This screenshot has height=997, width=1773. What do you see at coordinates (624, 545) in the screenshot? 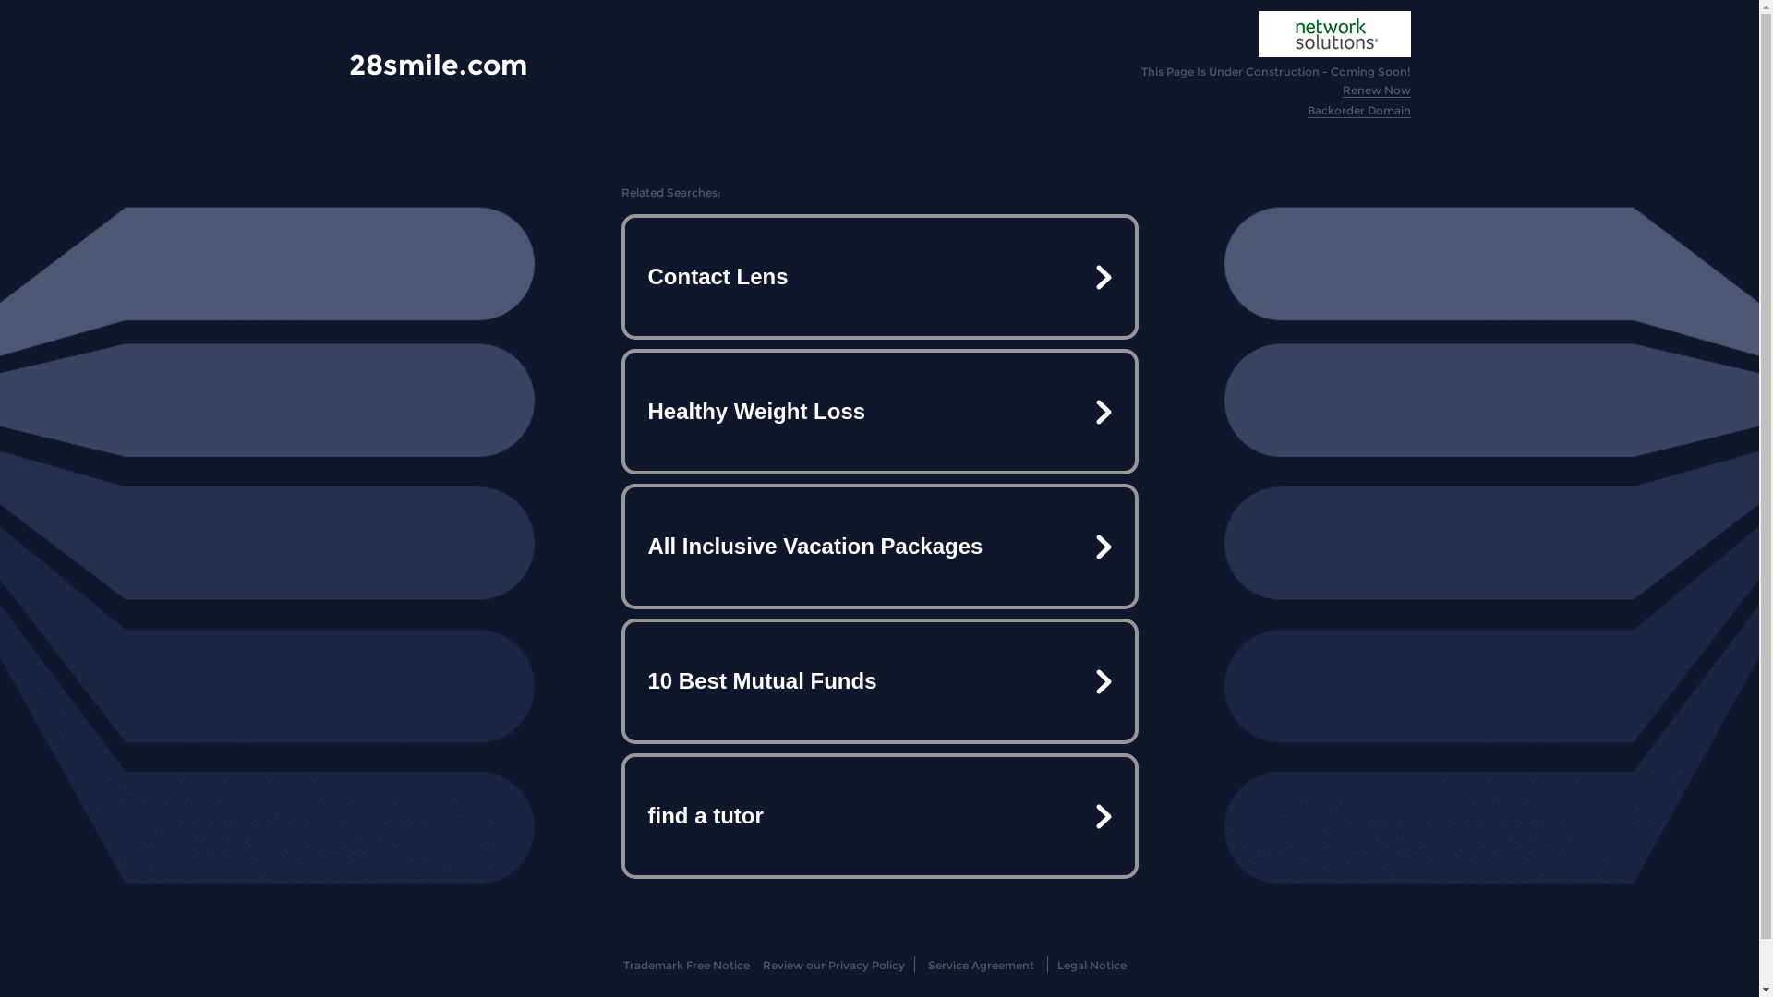
I see `'All Inclusive Vacation Packages'` at bounding box center [624, 545].